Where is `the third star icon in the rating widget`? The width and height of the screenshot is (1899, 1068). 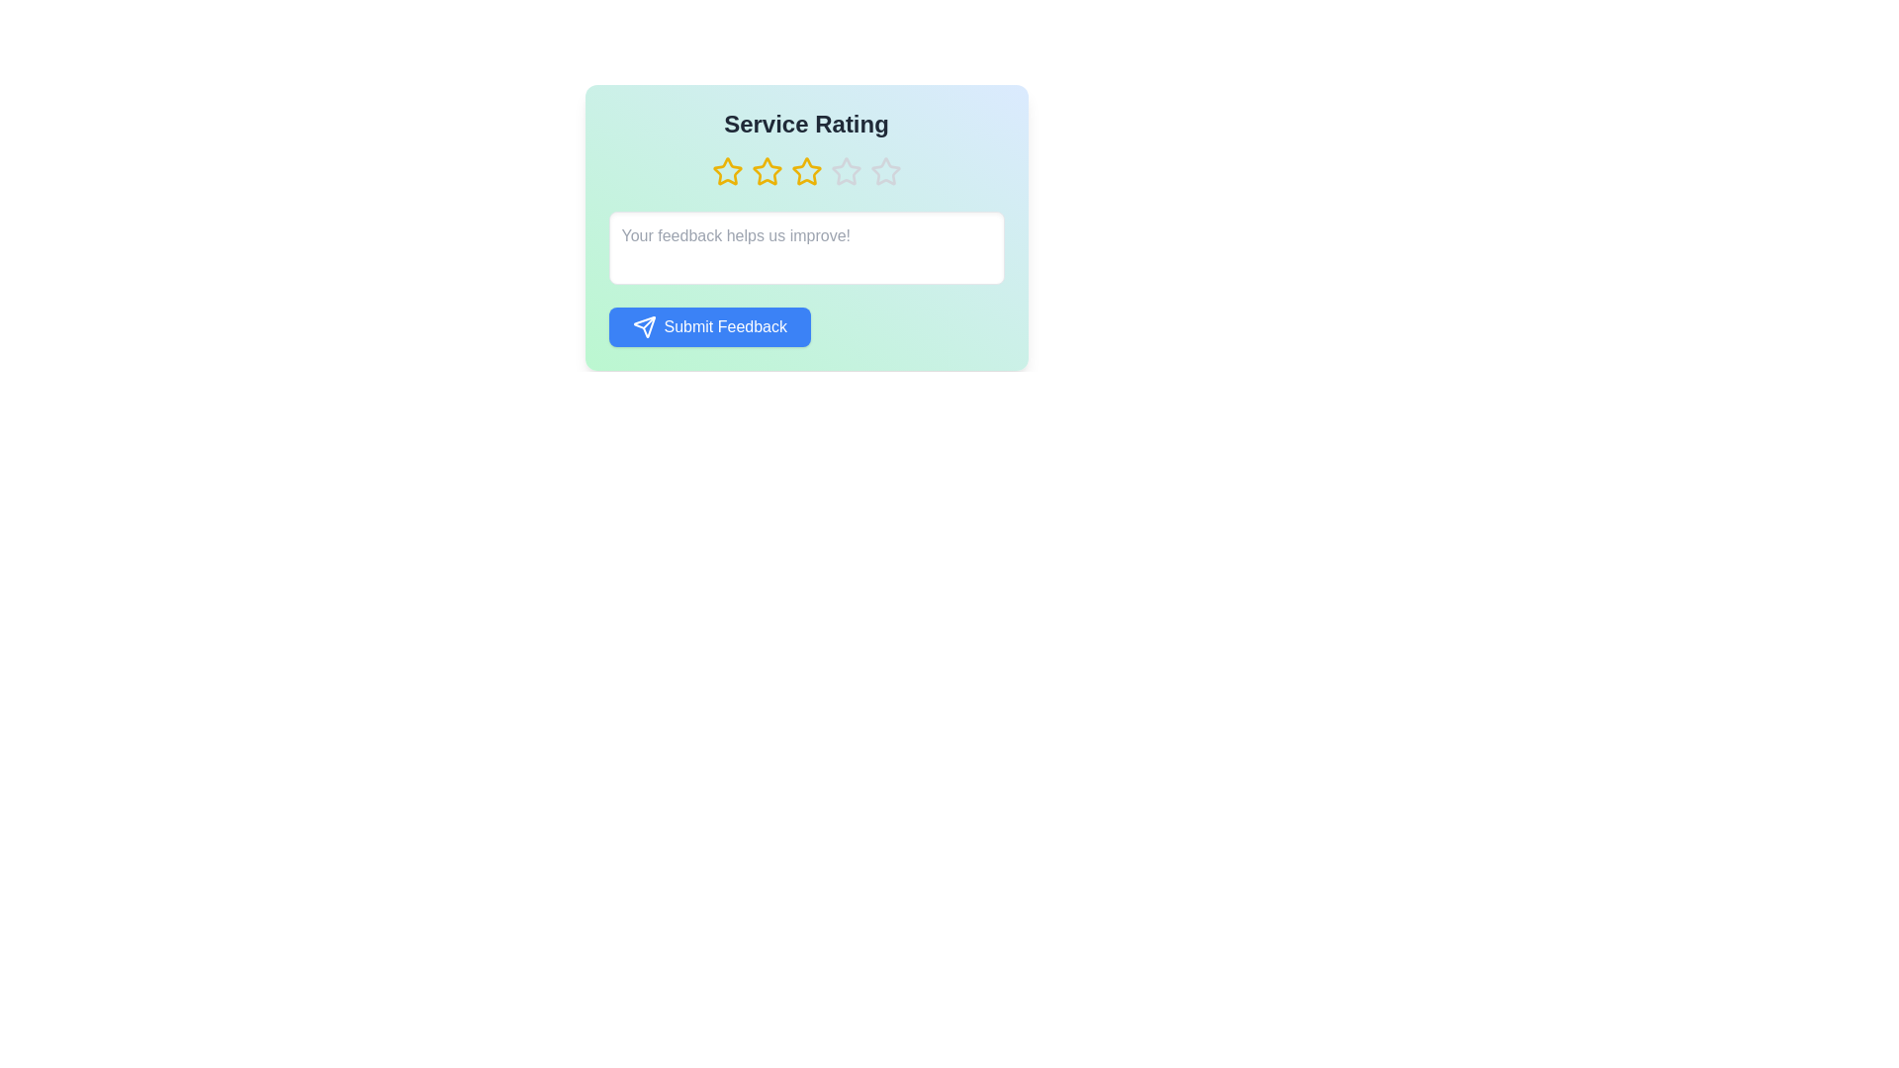
the third star icon in the rating widget is located at coordinates (766, 170).